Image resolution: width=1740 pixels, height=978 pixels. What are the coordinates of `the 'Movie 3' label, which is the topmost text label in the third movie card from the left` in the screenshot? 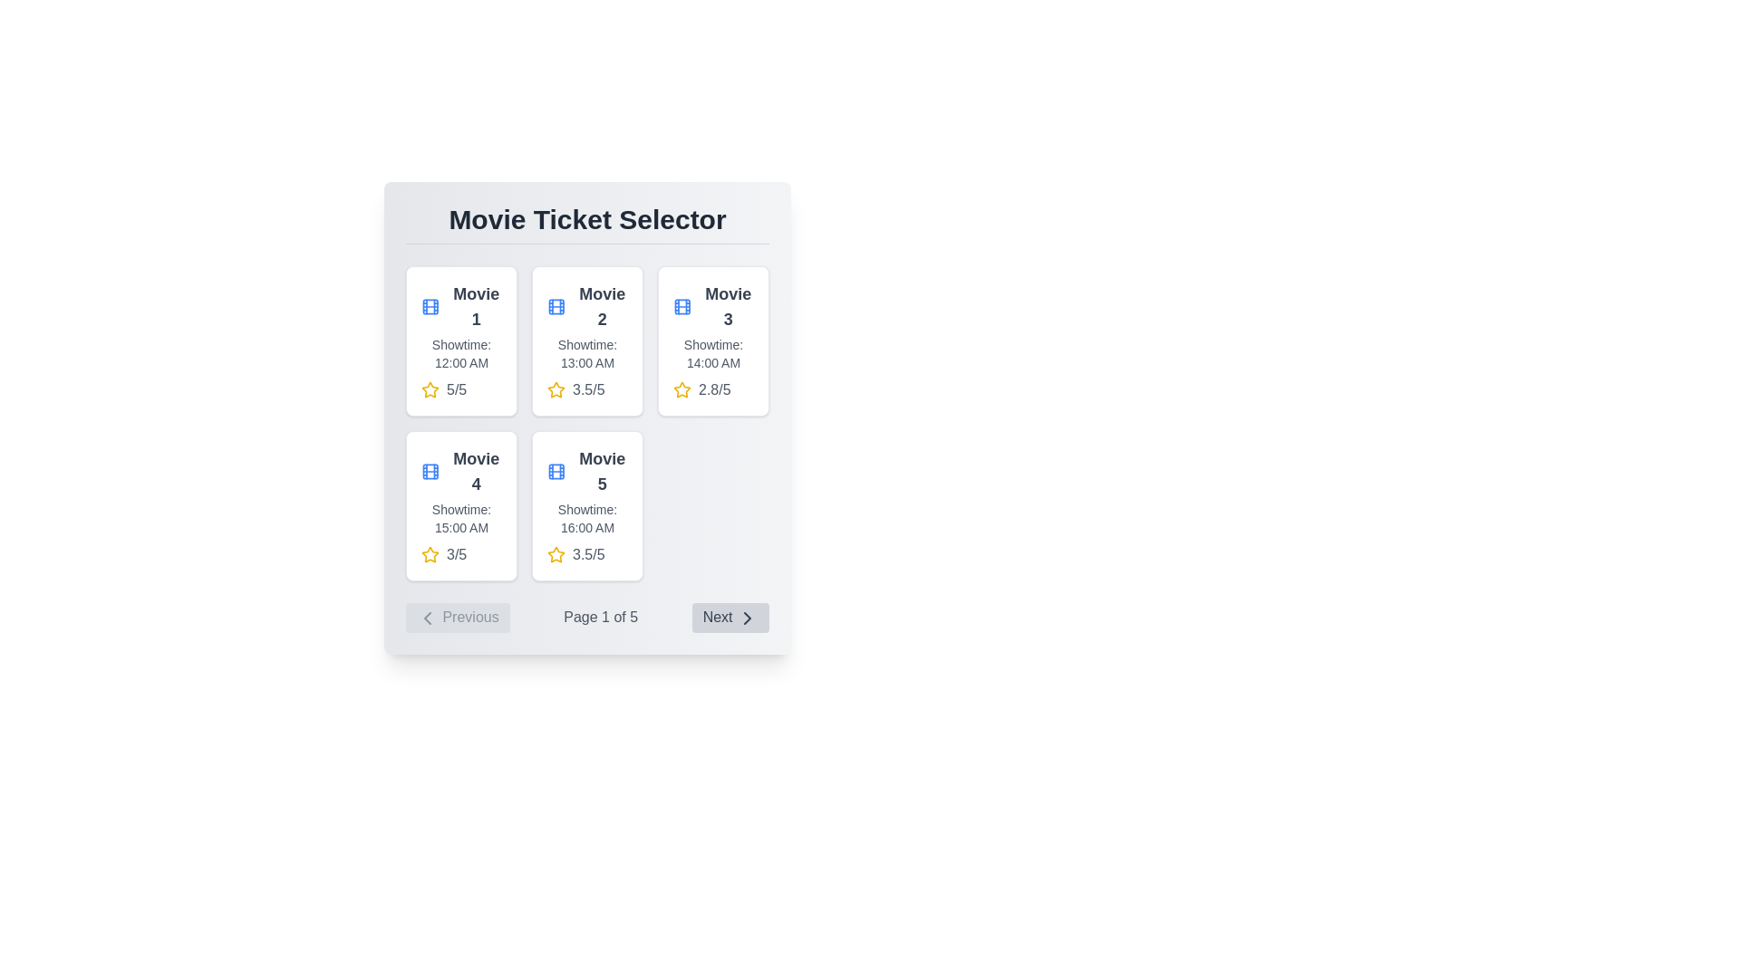 It's located at (728, 306).